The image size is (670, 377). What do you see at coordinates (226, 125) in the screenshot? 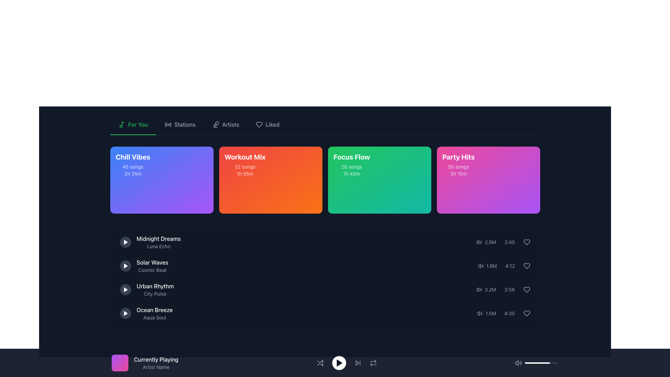
I see `the 'Artists' navigation tab, which is the third item in the menu and labeled with a microphone icon and the text 'Artists'` at bounding box center [226, 125].